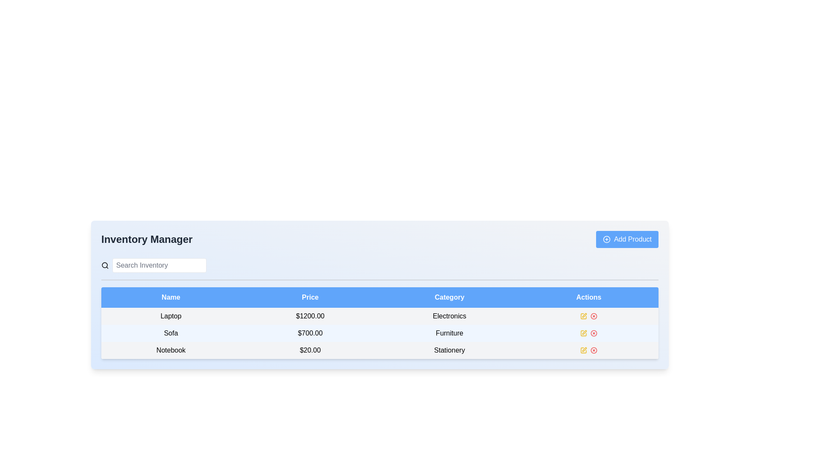 The image size is (821, 461). What do you see at coordinates (583, 350) in the screenshot?
I see `the rectangular icon resembling a pen inside a square, located in the 'Actions' column of the last row of the table for the 'Notebook' row` at bounding box center [583, 350].